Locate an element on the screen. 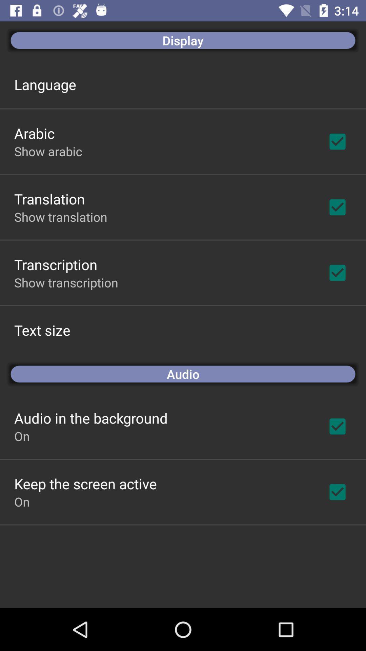 This screenshot has width=366, height=651. app above on app is located at coordinates (85, 483).